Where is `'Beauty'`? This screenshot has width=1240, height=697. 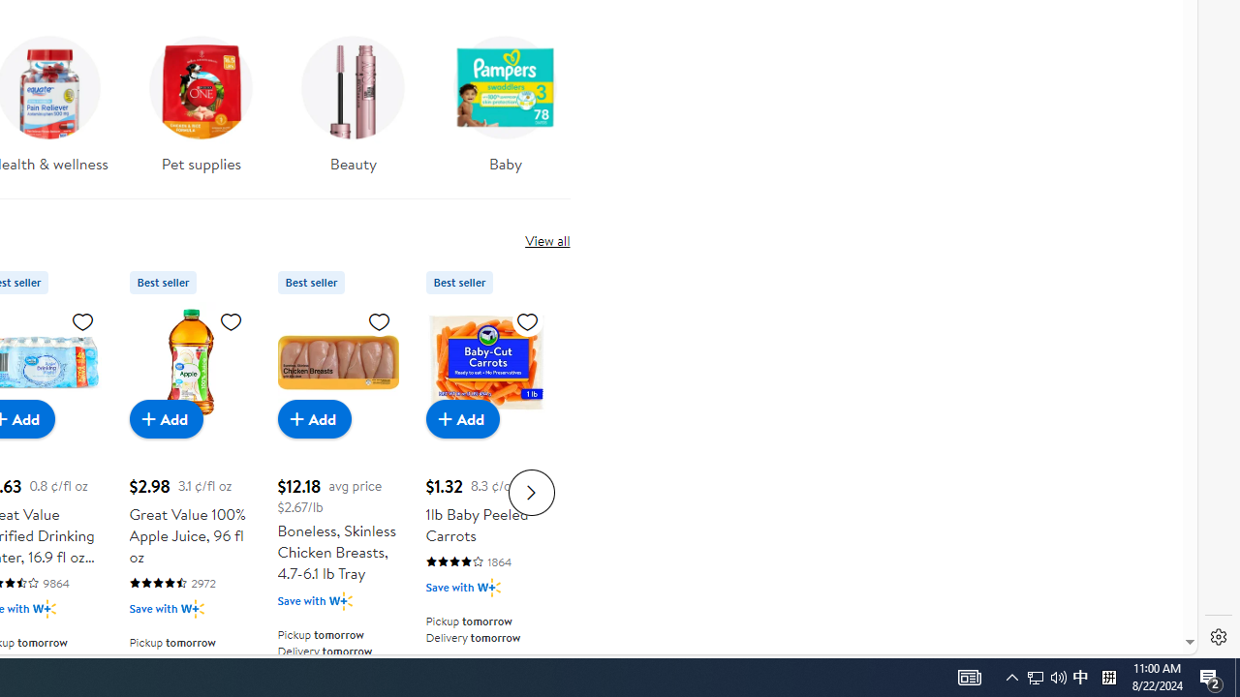 'Beauty' is located at coordinates (354, 98).